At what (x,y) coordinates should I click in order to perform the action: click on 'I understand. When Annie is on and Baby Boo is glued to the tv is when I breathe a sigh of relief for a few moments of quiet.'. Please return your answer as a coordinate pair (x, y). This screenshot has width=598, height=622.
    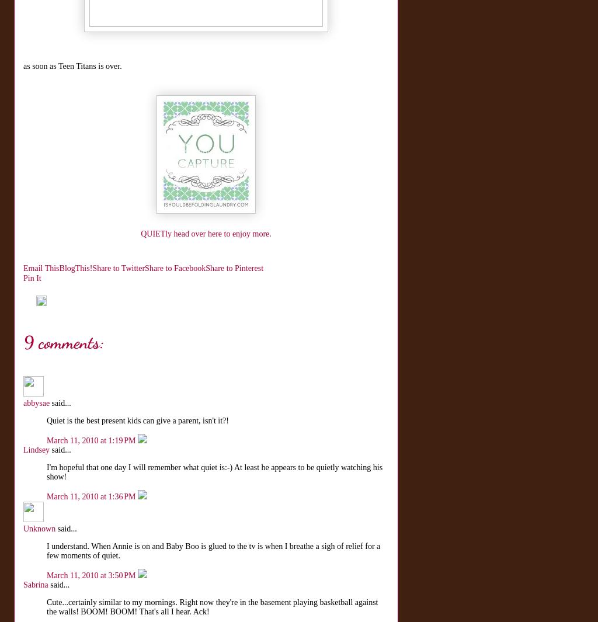
    Looking at the image, I should click on (213, 551).